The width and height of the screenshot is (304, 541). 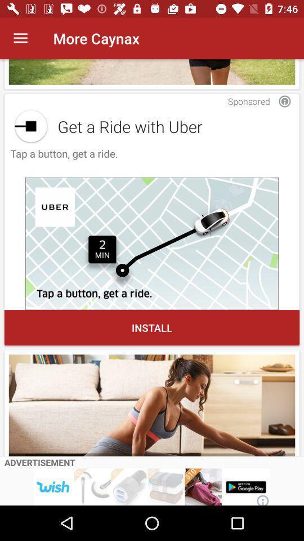 What do you see at coordinates (31, 126) in the screenshot?
I see `get a ride` at bounding box center [31, 126].